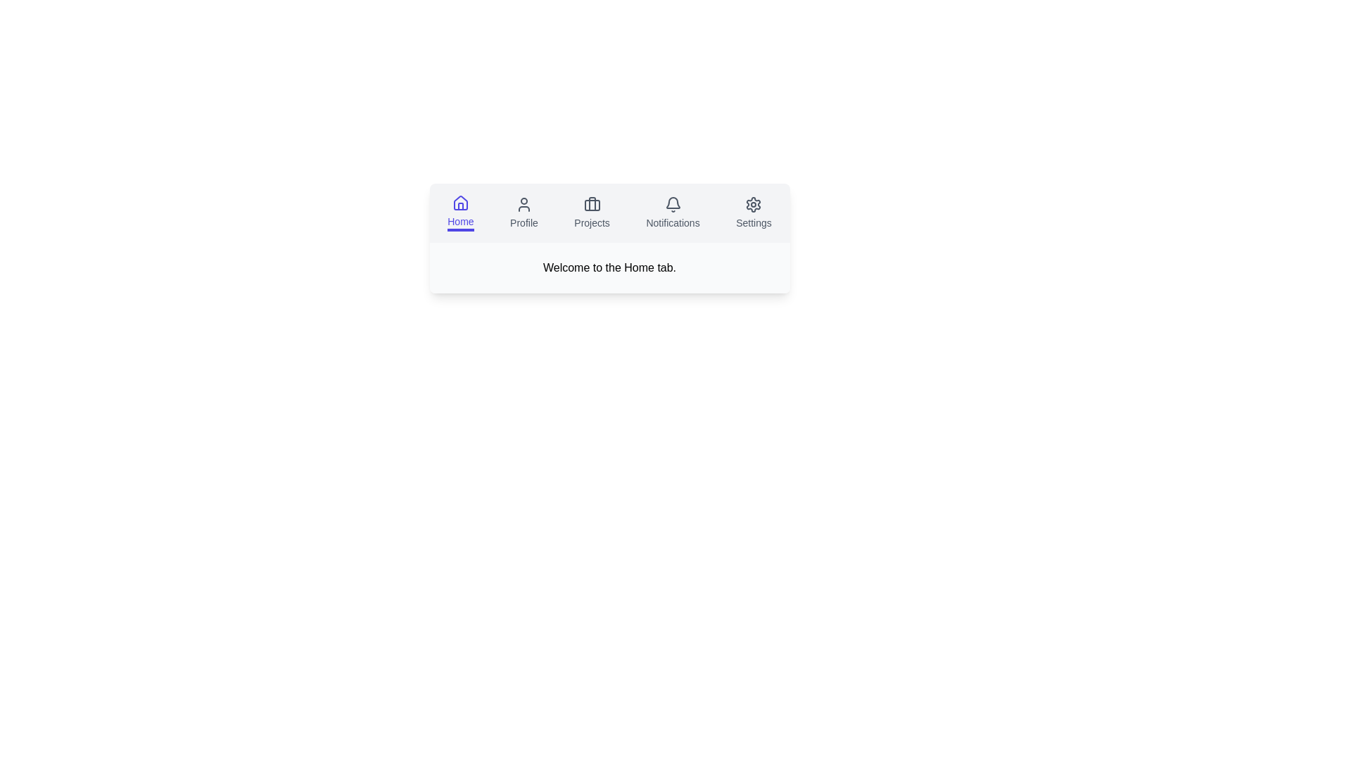 The width and height of the screenshot is (1351, 760). Describe the element at coordinates (753, 204) in the screenshot. I see `the Settings icon (gear symbol) located at the far right position in the horizontal navigation bar` at that location.